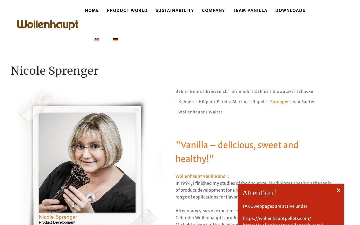 This screenshot has height=225, width=360. What do you see at coordinates (54, 71) in the screenshot?
I see `'Nicole Sprenger'` at bounding box center [54, 71].